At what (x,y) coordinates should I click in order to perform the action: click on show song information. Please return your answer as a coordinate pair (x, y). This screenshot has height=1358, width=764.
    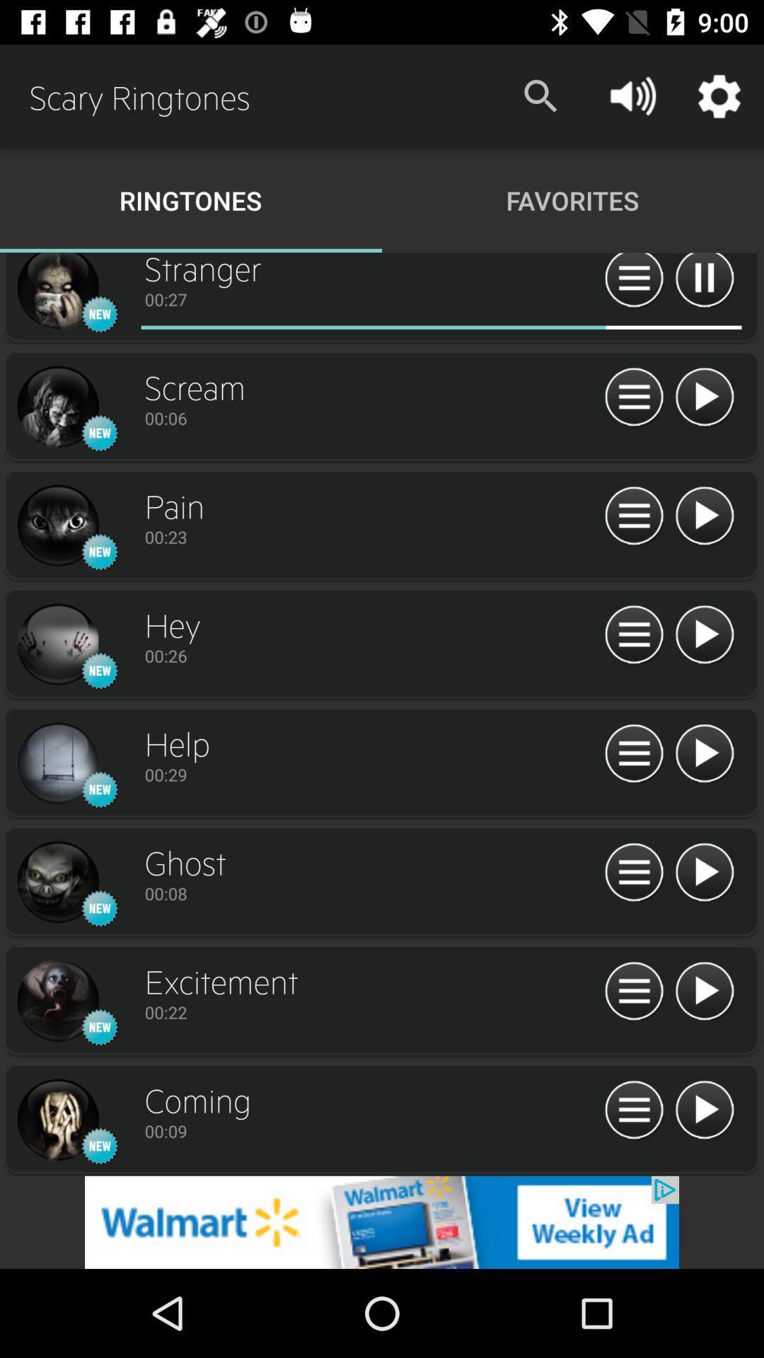
    Looking at the image, I should click on (633, 282).